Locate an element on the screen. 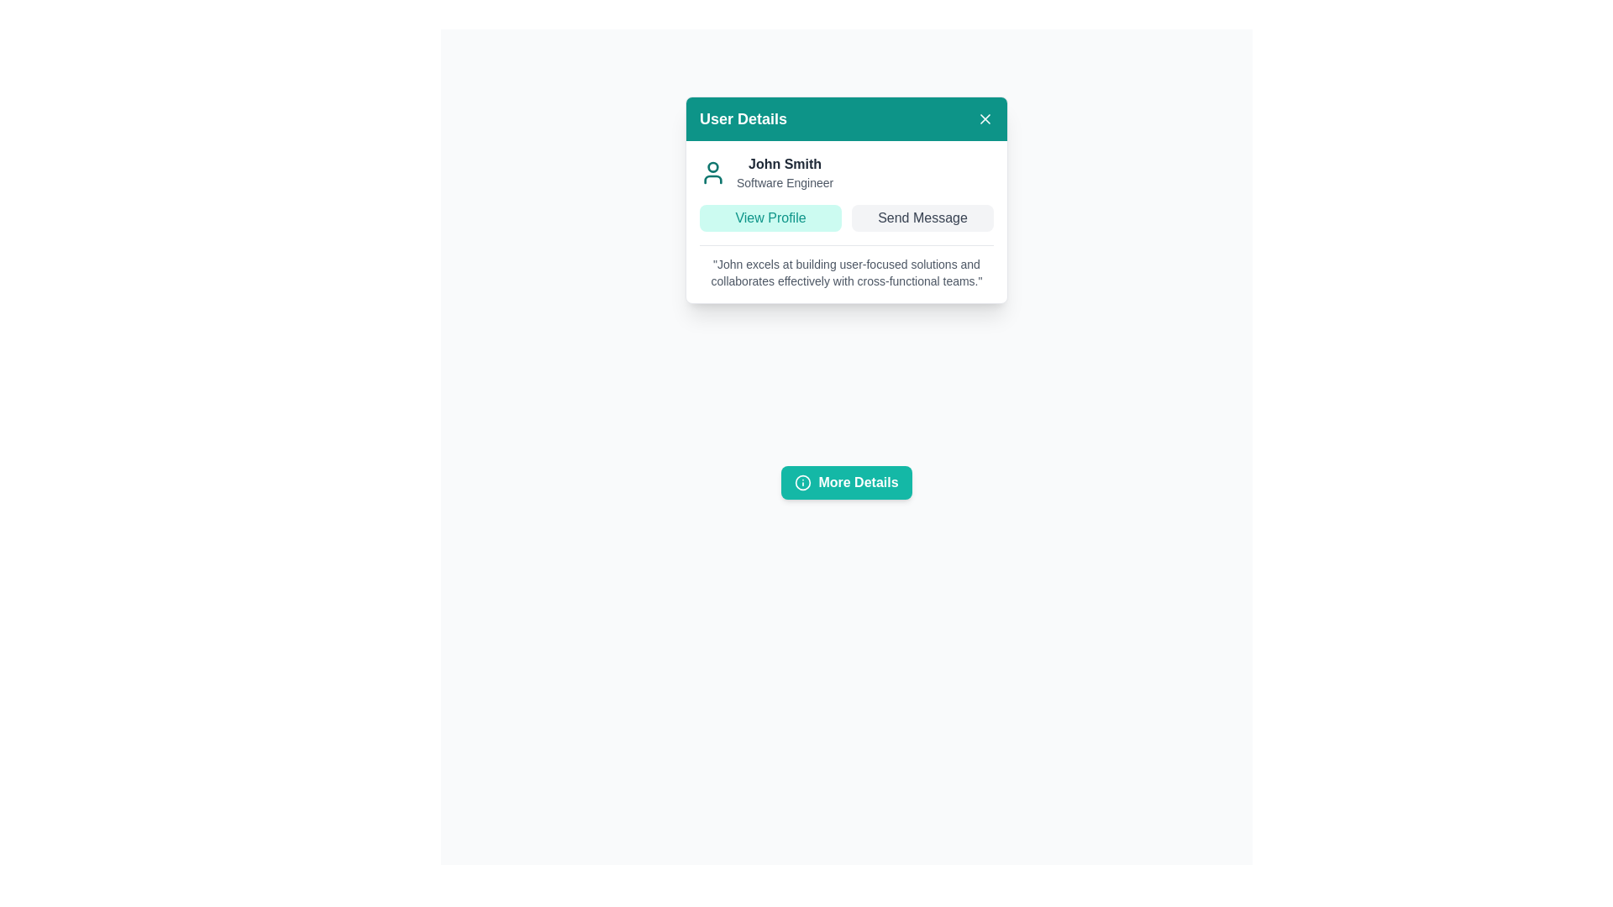 This screenshot has width=1613, height=907. the close button located in the top-right corner of the 'User Details' card is located at coordinates (985, 118).